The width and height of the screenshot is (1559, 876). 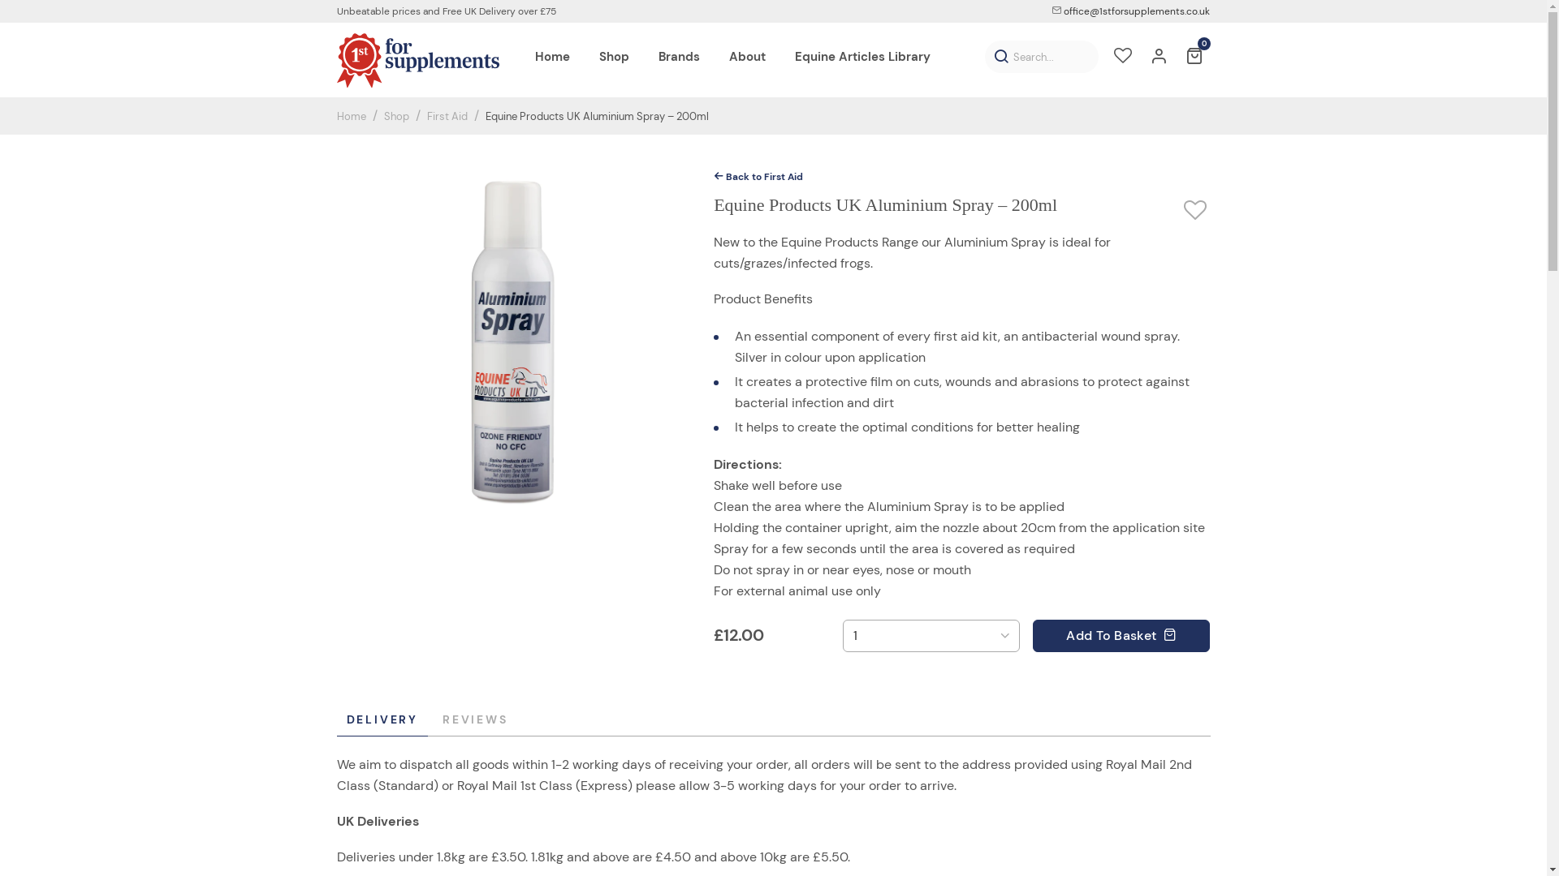 I want to click on 'About', so click(x=746, y=56).